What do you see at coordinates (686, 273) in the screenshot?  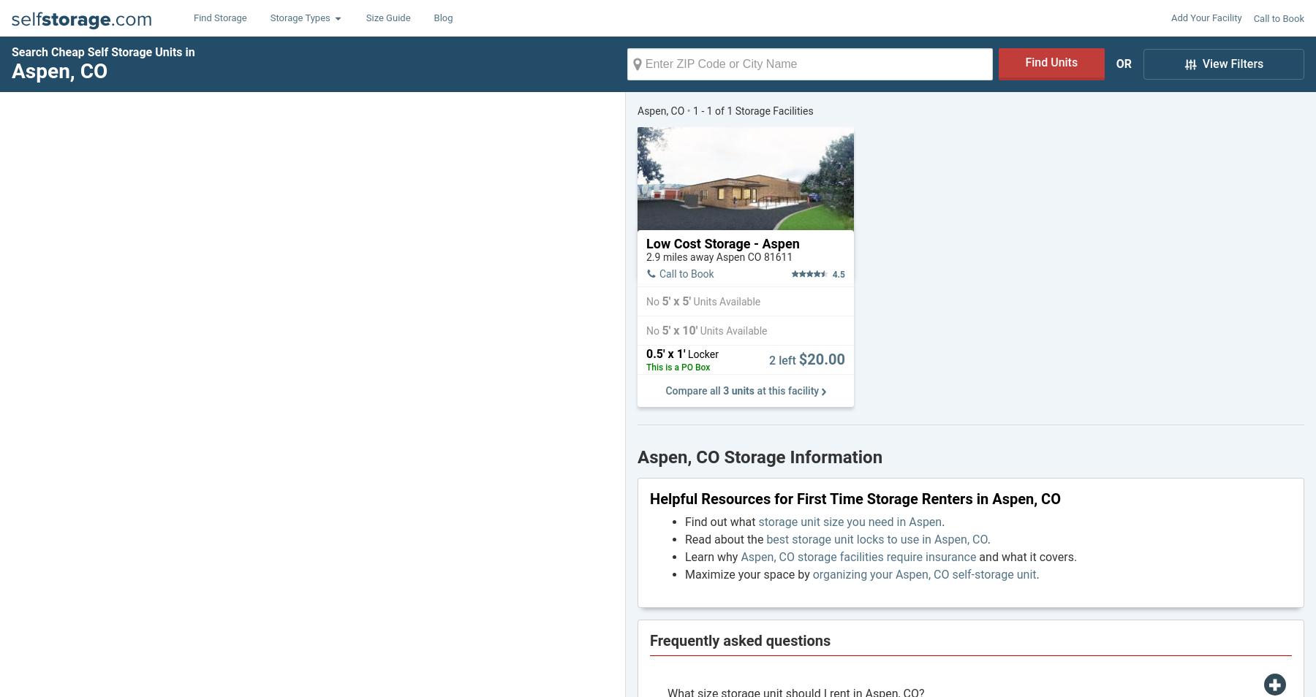 I see `'Call to Book'` at bounding box center [686, 273].